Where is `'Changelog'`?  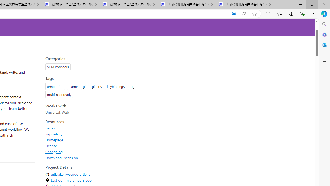
'Changelog' is located at coordinates (54, 151).